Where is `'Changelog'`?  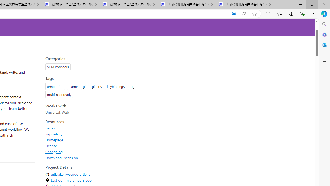
'Changelog' is located at coordinates (54, 151).